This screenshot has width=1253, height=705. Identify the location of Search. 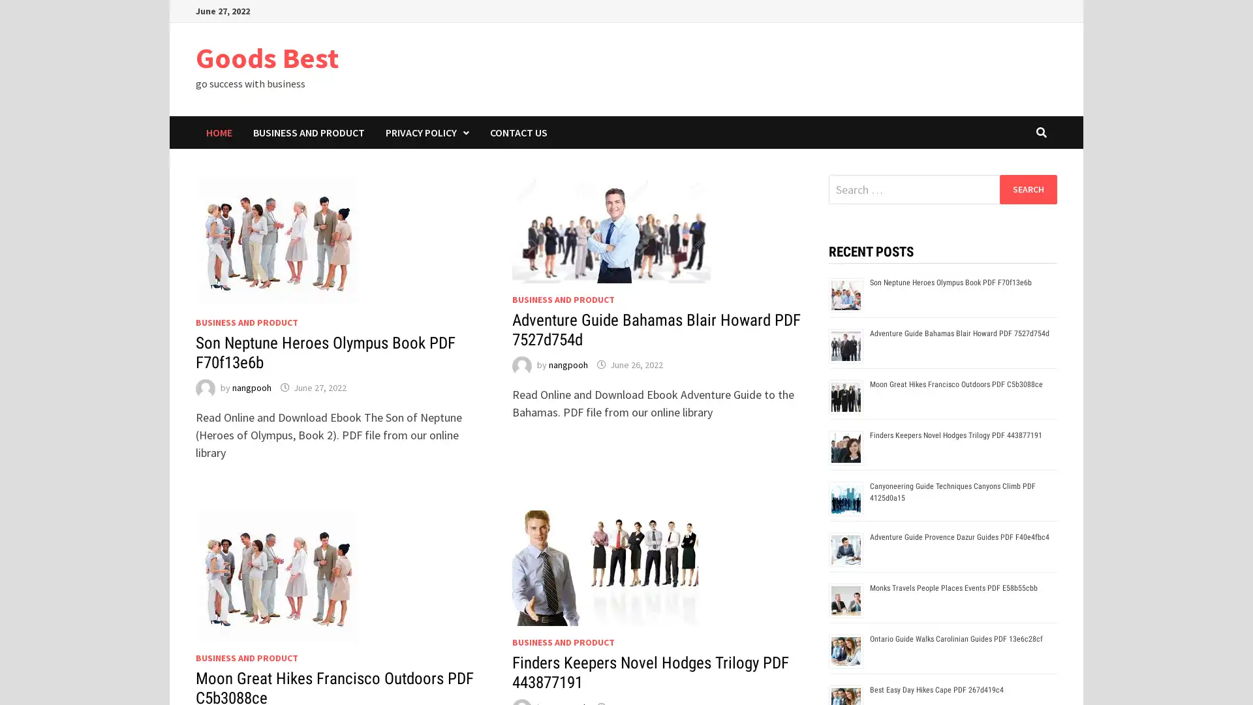
(1027, 189).